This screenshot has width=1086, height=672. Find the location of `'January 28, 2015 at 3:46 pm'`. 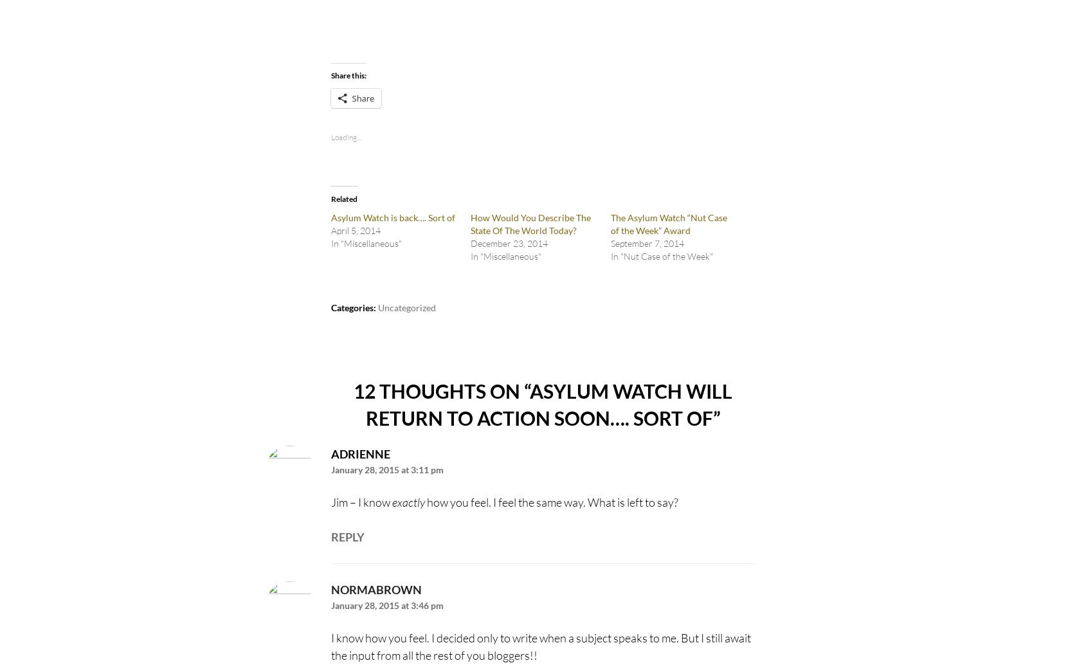

'January 28, 2015 at 3:46 pm' is located at coordinates (386, 604).